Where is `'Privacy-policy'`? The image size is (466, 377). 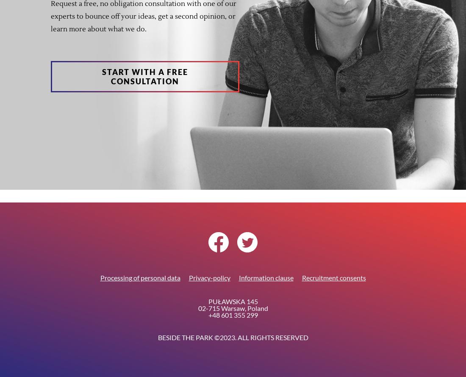 'Privacy-policy' is located at coordinates (188, 277).